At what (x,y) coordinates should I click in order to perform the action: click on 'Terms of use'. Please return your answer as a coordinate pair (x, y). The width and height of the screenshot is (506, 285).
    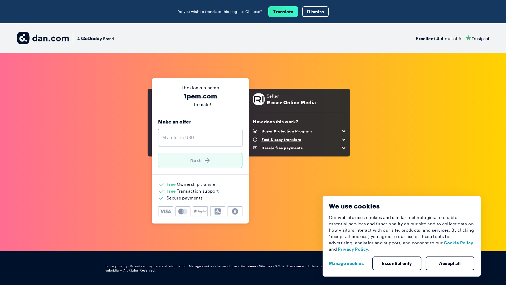
    Looking at the image, I should click on (227, 266).